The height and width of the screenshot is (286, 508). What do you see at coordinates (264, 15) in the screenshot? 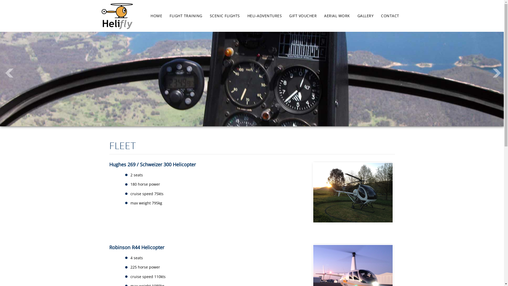
I see `'HELI-ADVENTURES'` at bounding box center [264, 15].